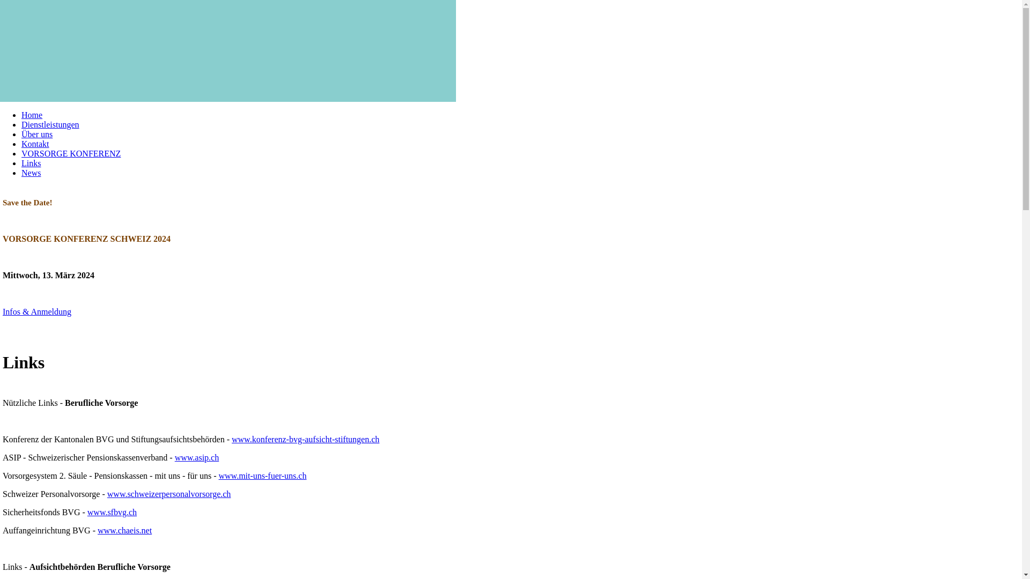 The width and height of the screenshot is (1030, 579). I want to click on 'Infos & Anmeldung', so click(36, 311).